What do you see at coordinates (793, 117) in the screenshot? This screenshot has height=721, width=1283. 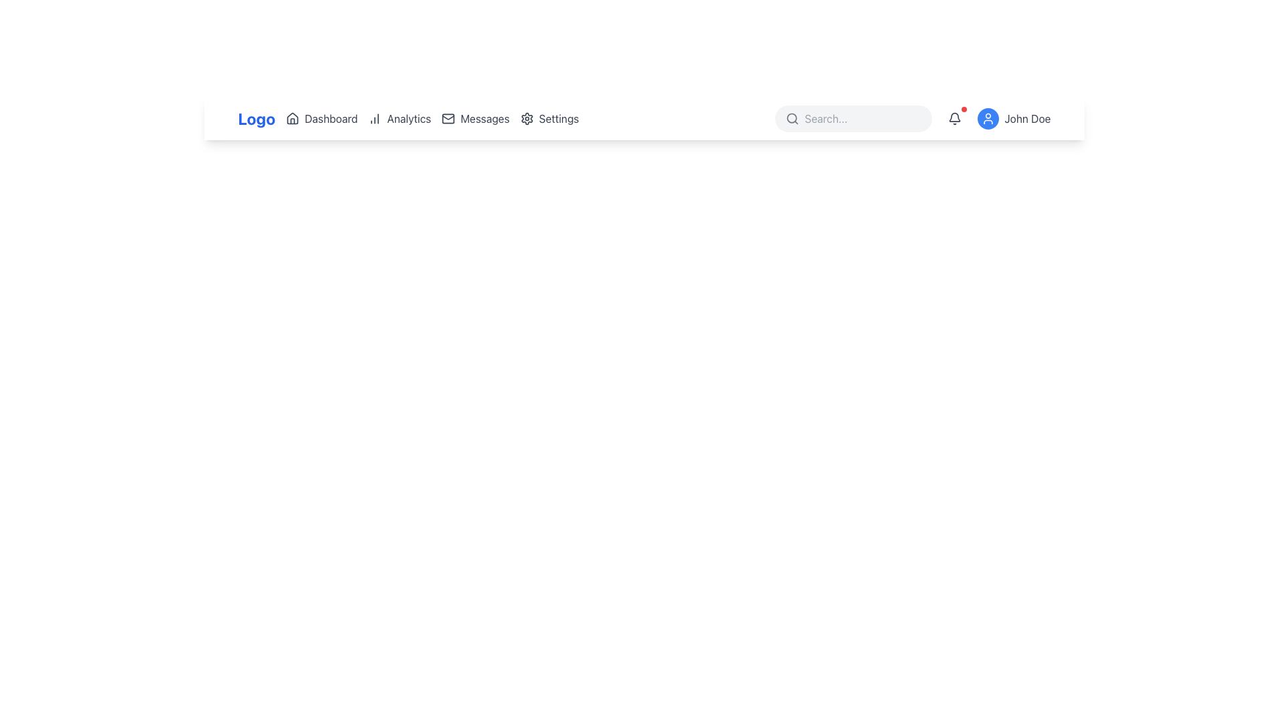 I see `the magnifying glass icon located to the far left within the rounded search bar` at bounding box center [793, 117].